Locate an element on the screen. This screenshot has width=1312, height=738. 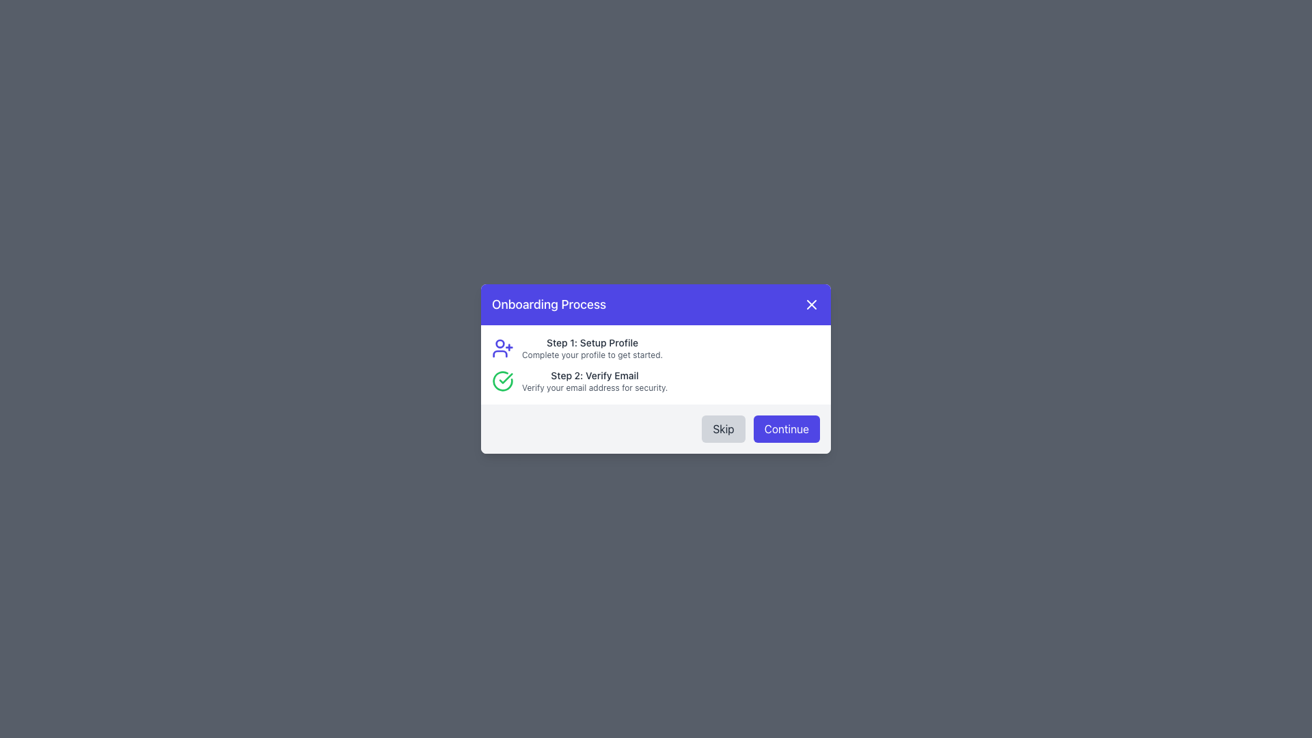
step description located in the first text block of the modal dialog titled 'Onboarding Process', which instructs the user about setting up their profile is located at coordinates (592, 347).